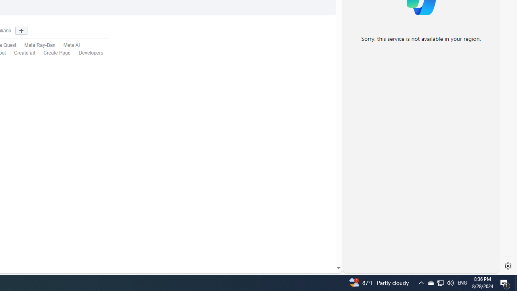  I want to click on 'Create Page', so click(53, 53).